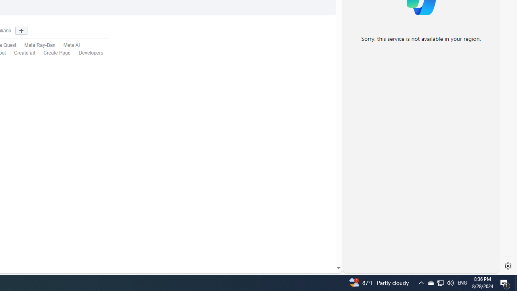  I want to click on 'Create Page', so click(53, 53).